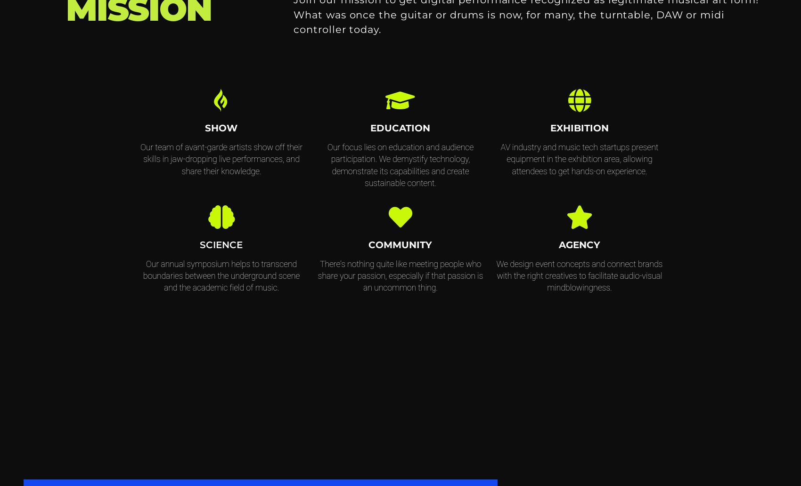  I want to click on 'Community', so click(400, 244).